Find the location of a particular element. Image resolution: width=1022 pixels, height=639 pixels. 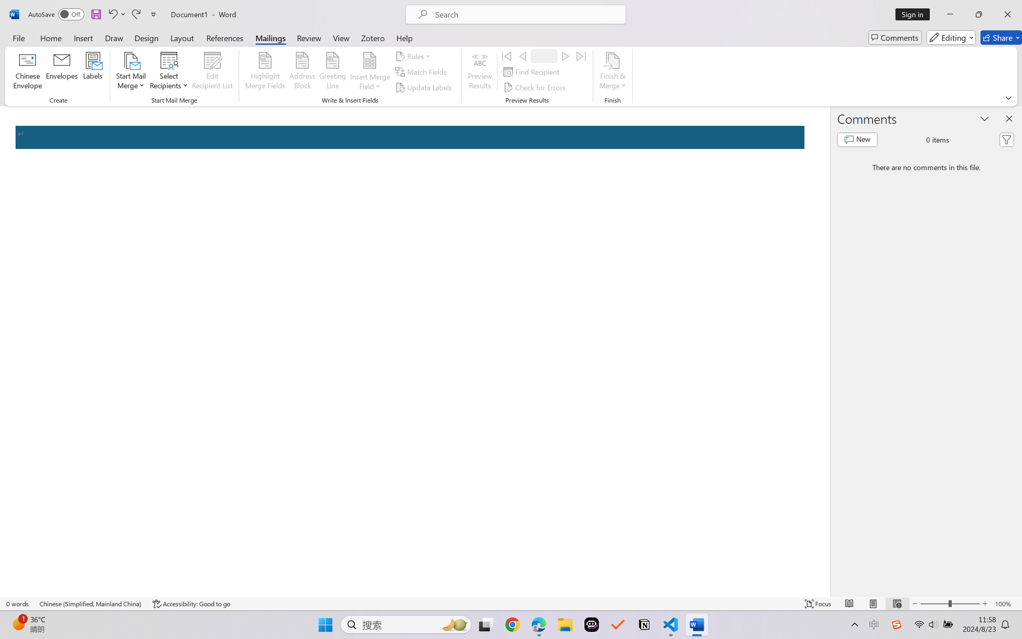

'Next' is located at coordinates (565, 55).